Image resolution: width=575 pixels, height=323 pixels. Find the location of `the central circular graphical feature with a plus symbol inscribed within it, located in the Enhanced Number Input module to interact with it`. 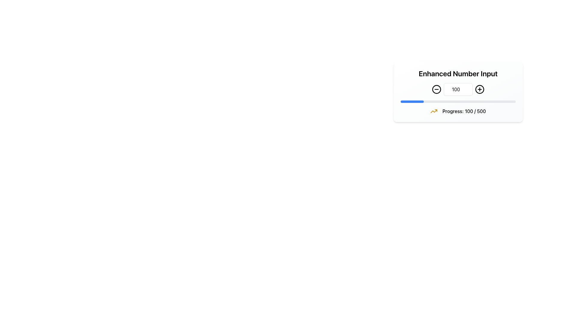

the central circular graphical feature with a plus symbol inscribed within it, located in the Enhanced Number Input module to interact with it is located at coordinates (480, 89).